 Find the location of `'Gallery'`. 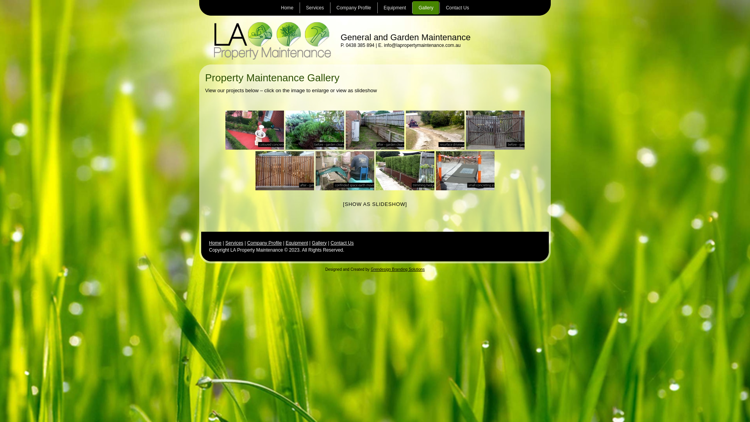

'Gallery' is located at coordinates (425, 7).